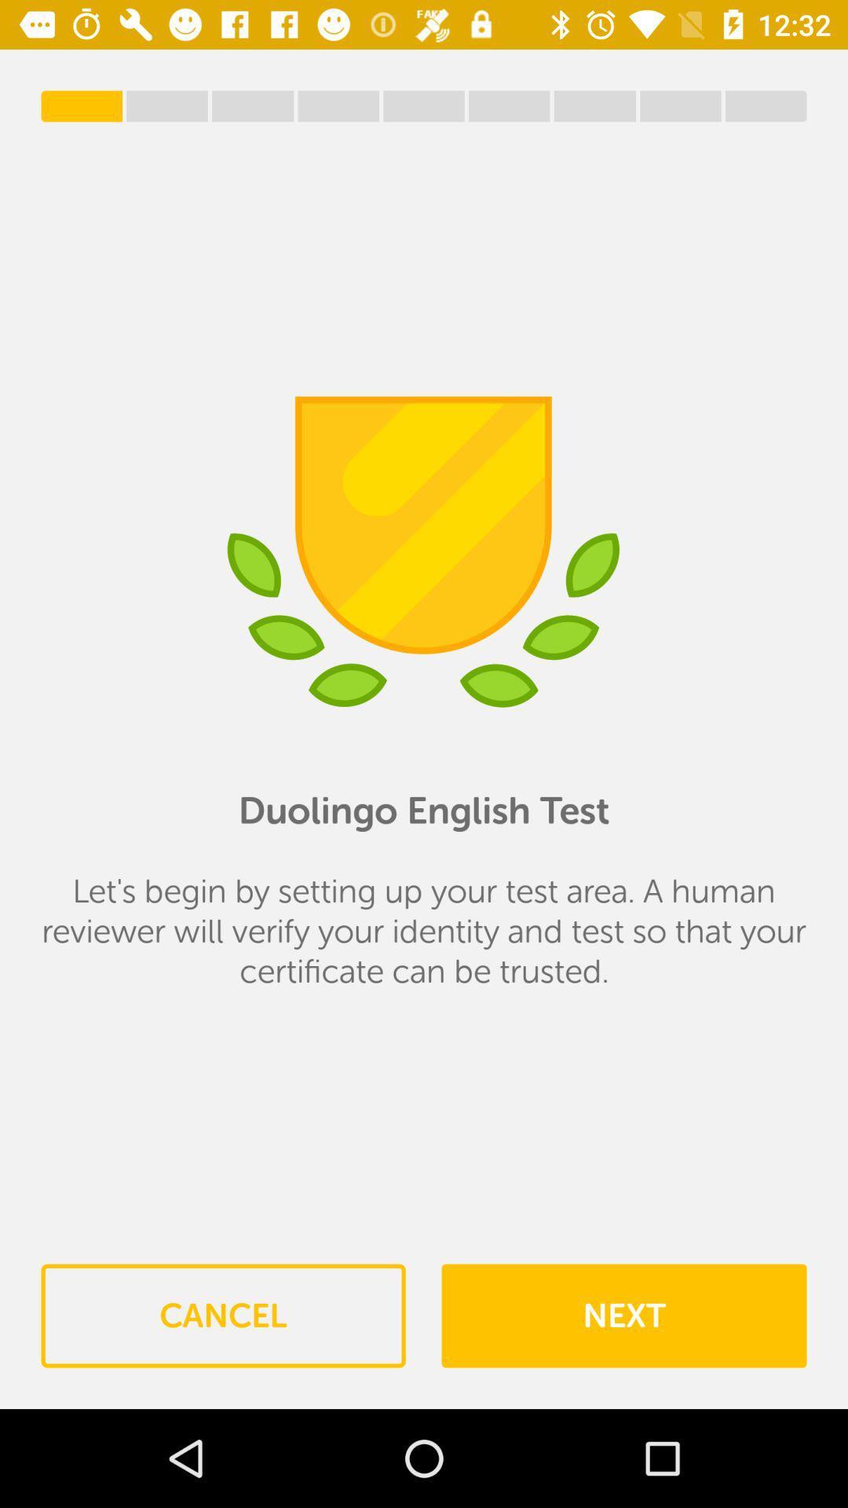 Image resolution: width=848 pixels, height=1508 pixels. I want to click on item below the let s begin item, so click(223, 1316).